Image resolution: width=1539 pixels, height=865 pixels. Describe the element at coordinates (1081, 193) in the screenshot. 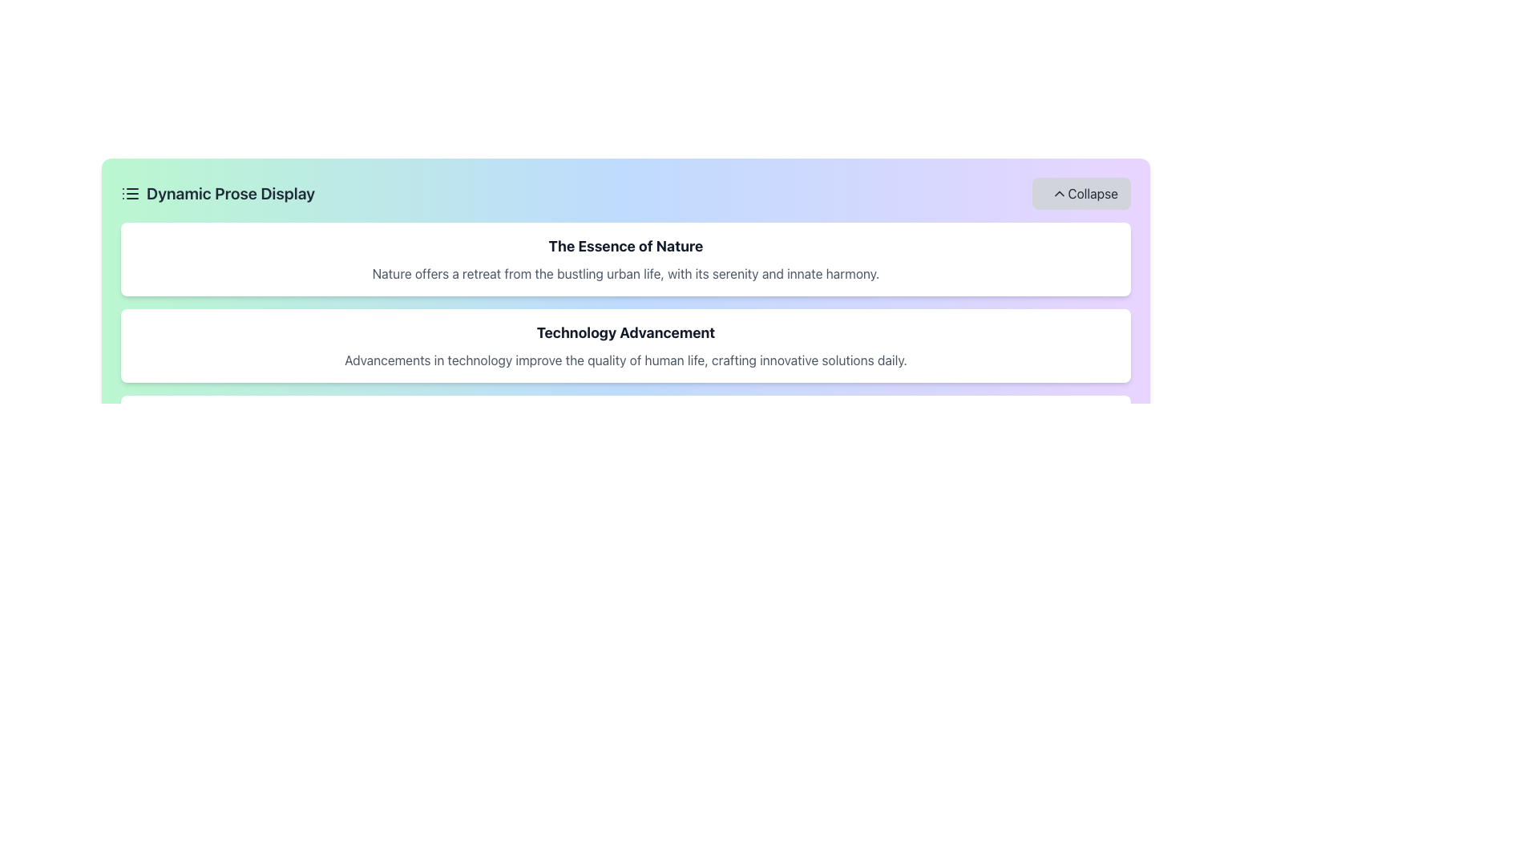

I see `the 'Collapse' button located at the far right of the header section titled 'Dynamic Prose Display'` at that location.